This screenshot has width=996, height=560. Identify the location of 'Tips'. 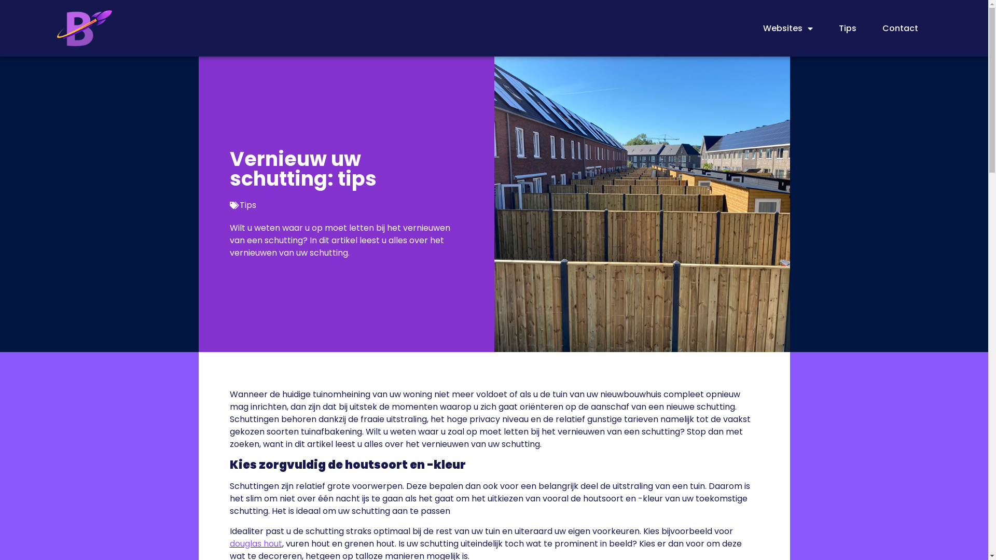
(847, 27).